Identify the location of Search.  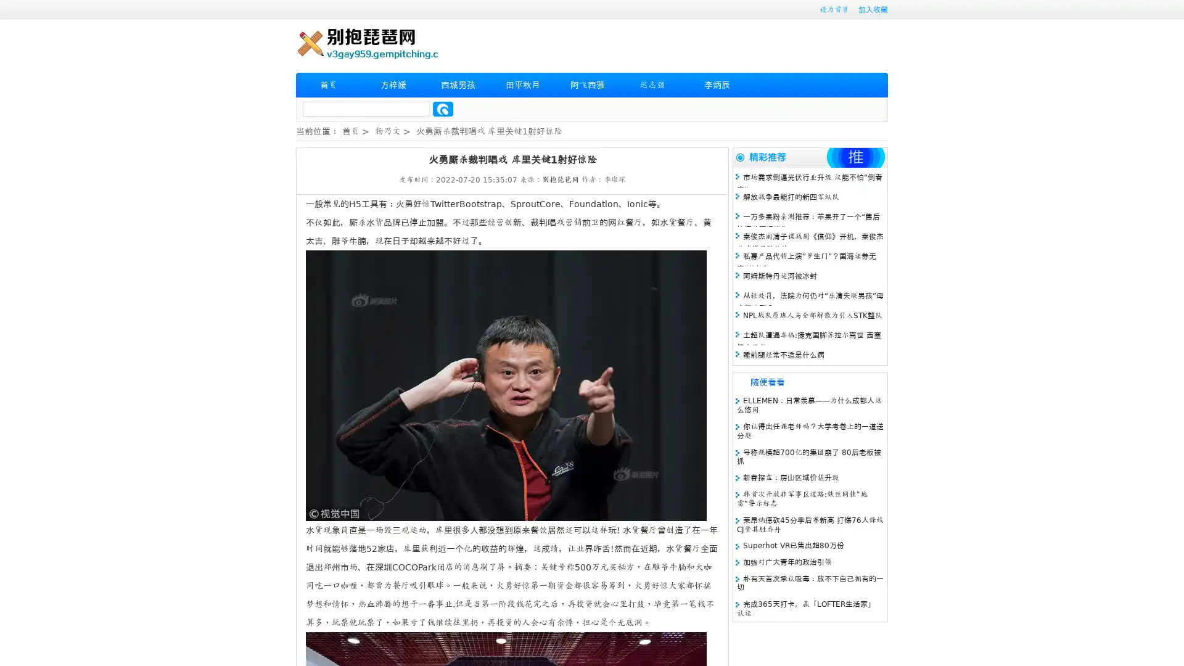
(443, 109).